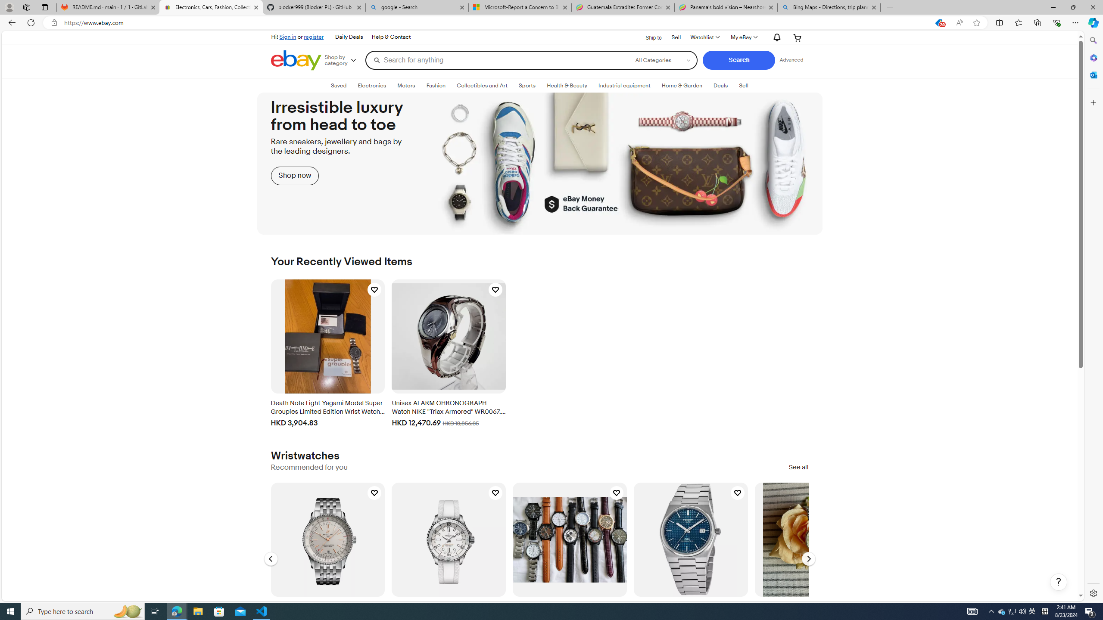  I want to click on 'Deals', so click(720, 85).